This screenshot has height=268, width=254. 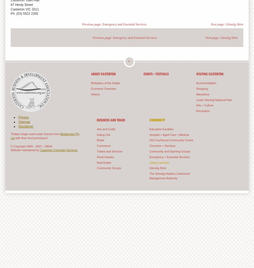 What do you see at coordinates (25, 9) in the screenshot?
I see `'Casterton VIC 3311'` at bounding box center [25, 9].